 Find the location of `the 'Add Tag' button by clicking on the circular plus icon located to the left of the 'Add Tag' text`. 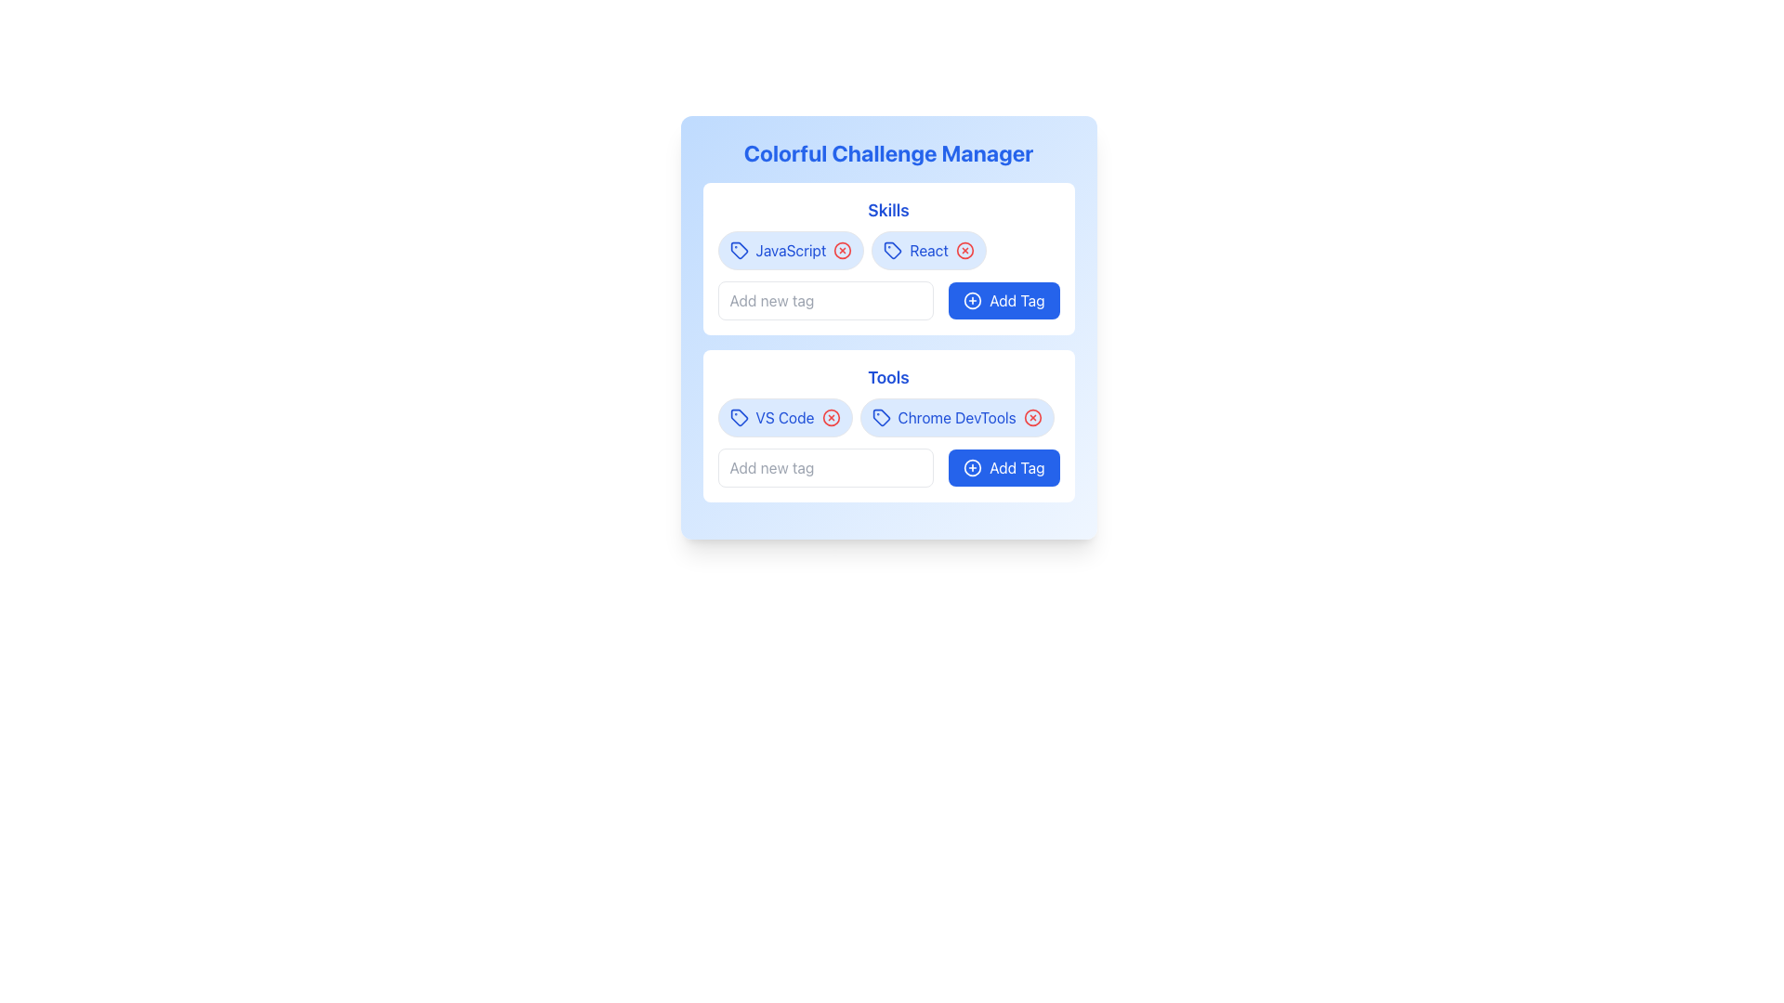

the 'Add Tag' button by clicking on the circular plus icon located to the left of the 'Add Tag' text is located at coordinates (972, 467).